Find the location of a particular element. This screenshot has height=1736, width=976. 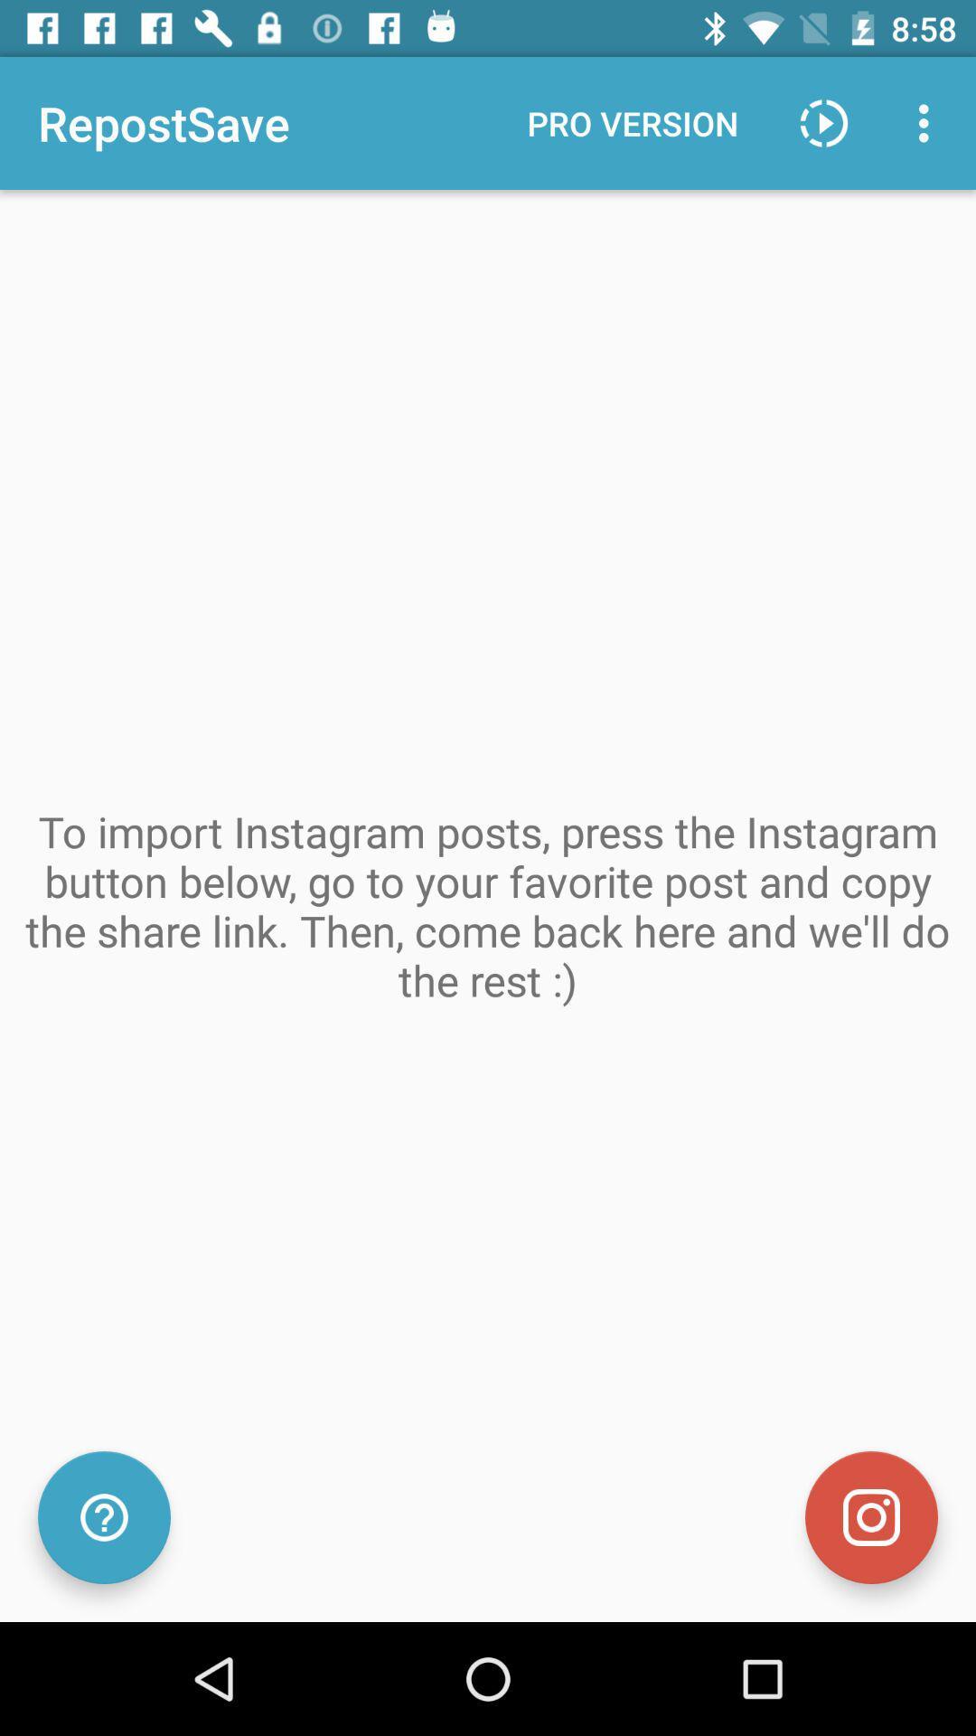

the item at the top is located at coordinates (632, 122).